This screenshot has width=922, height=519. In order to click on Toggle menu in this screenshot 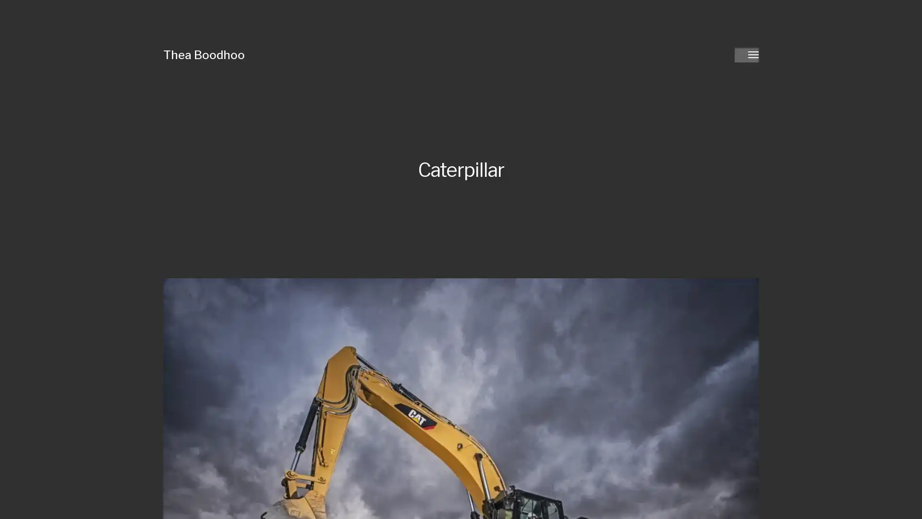, I will do `click(746, 55)`.